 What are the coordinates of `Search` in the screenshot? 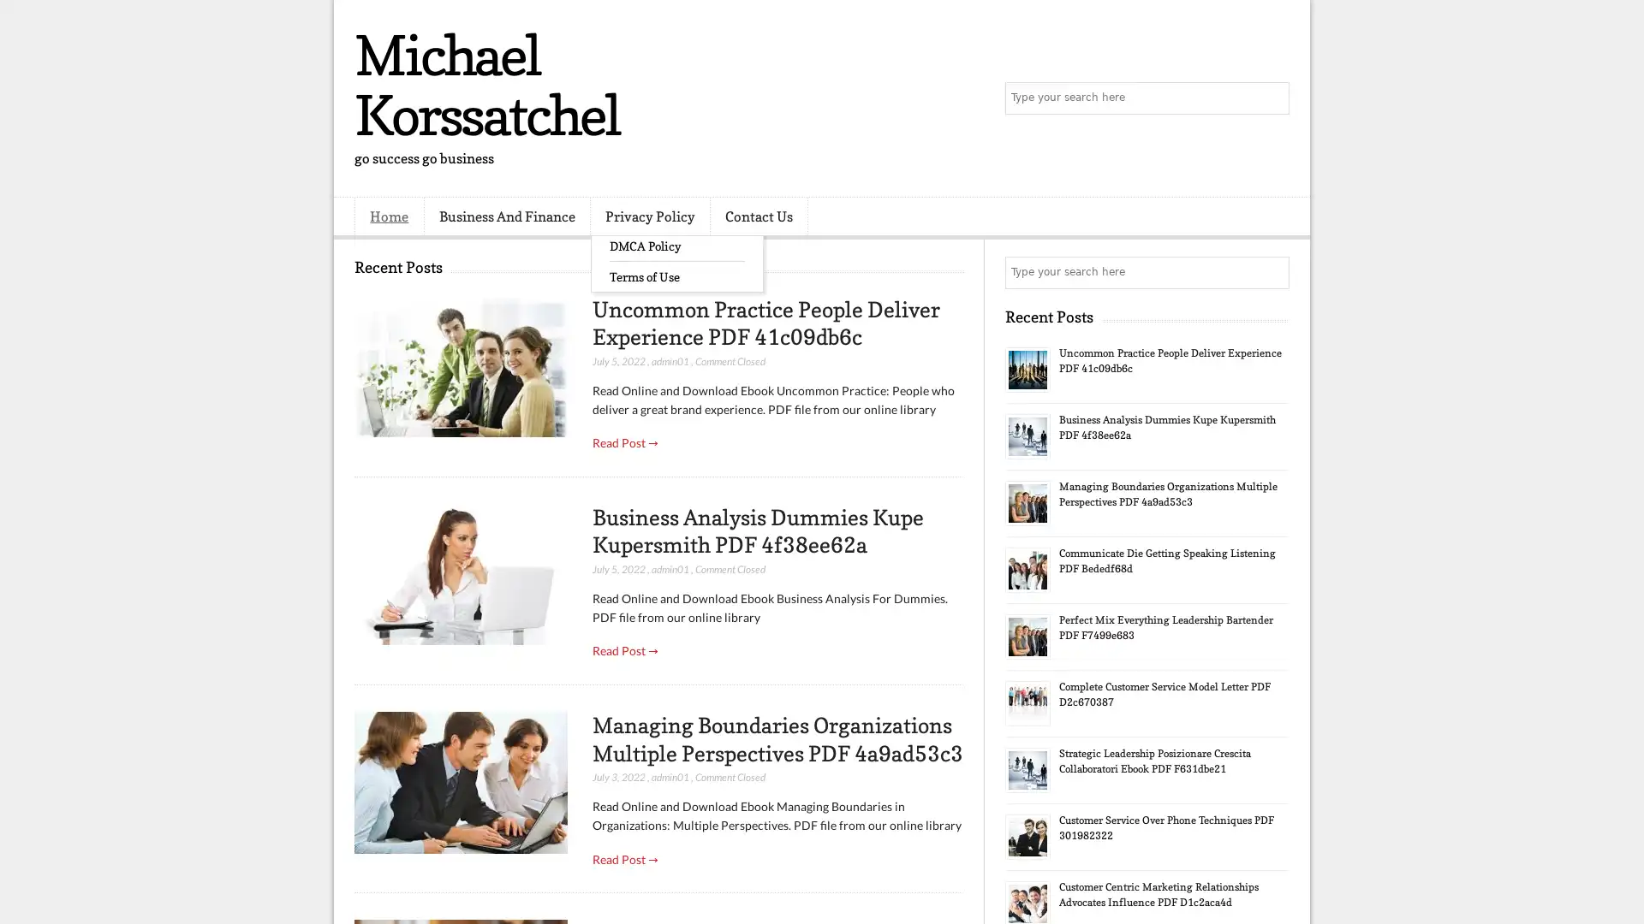 It's located at (1272, 272).